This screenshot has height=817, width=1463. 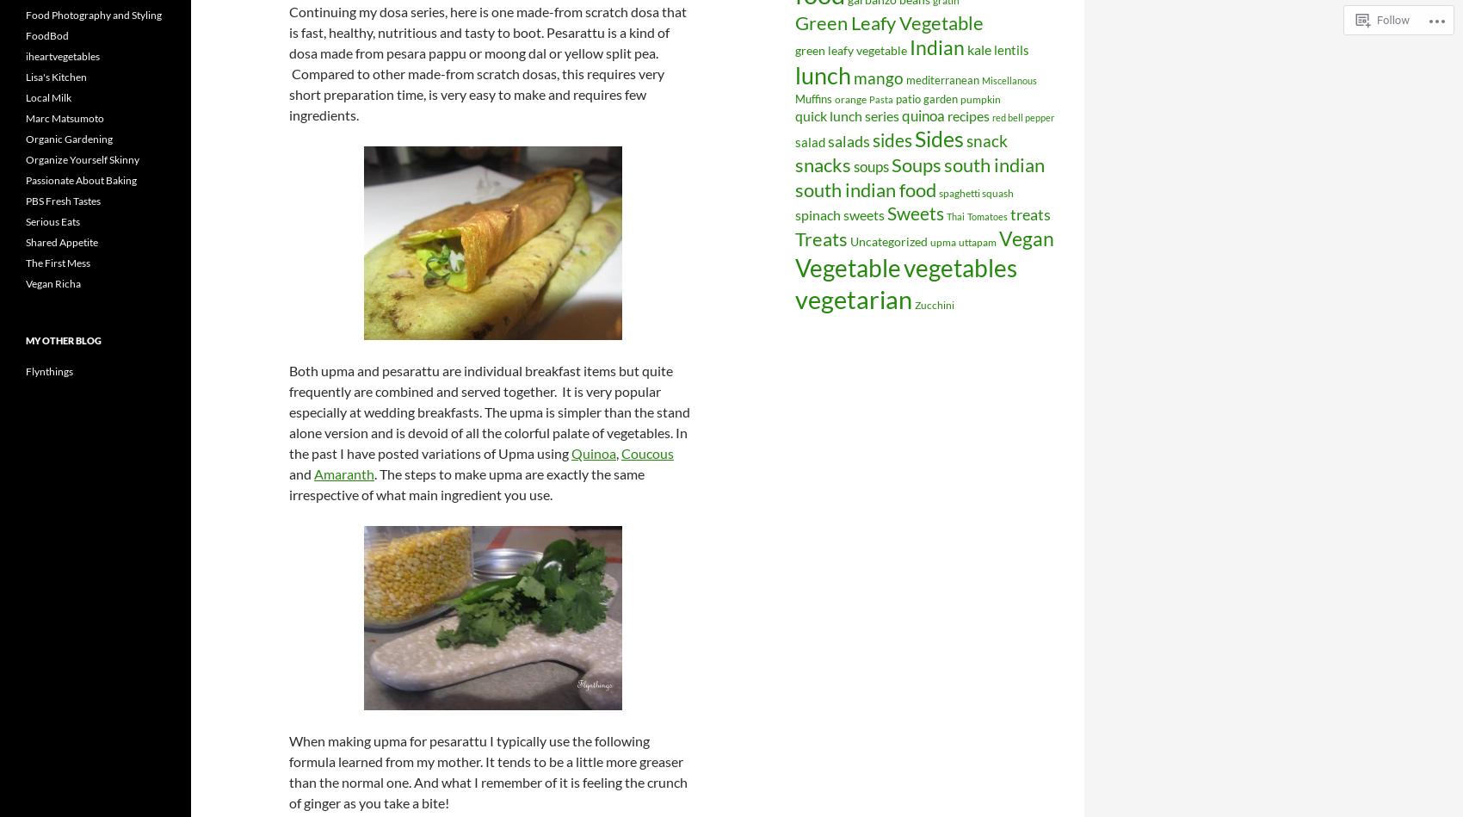 What do you see at coordinates (488, 411) in the screenshot?
I see `'Both upma and pesarattu are individual breakfast items but quite frequently are combined and served together.  It is very popular especially at wedding breakfasts. The upma is simpler than the stand alone version and is devoid of all the colorful palate of vegetables. In the past I have posted variations of Upma using'` at bounding box center [488, 411].